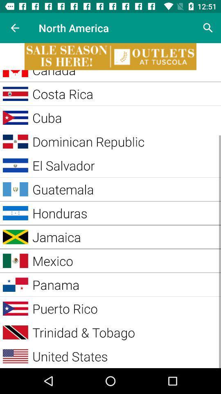  What do you see at coordinates (110, 56) in the screenshot?
I see `advertisement bar` at bounding box center [110, 56].